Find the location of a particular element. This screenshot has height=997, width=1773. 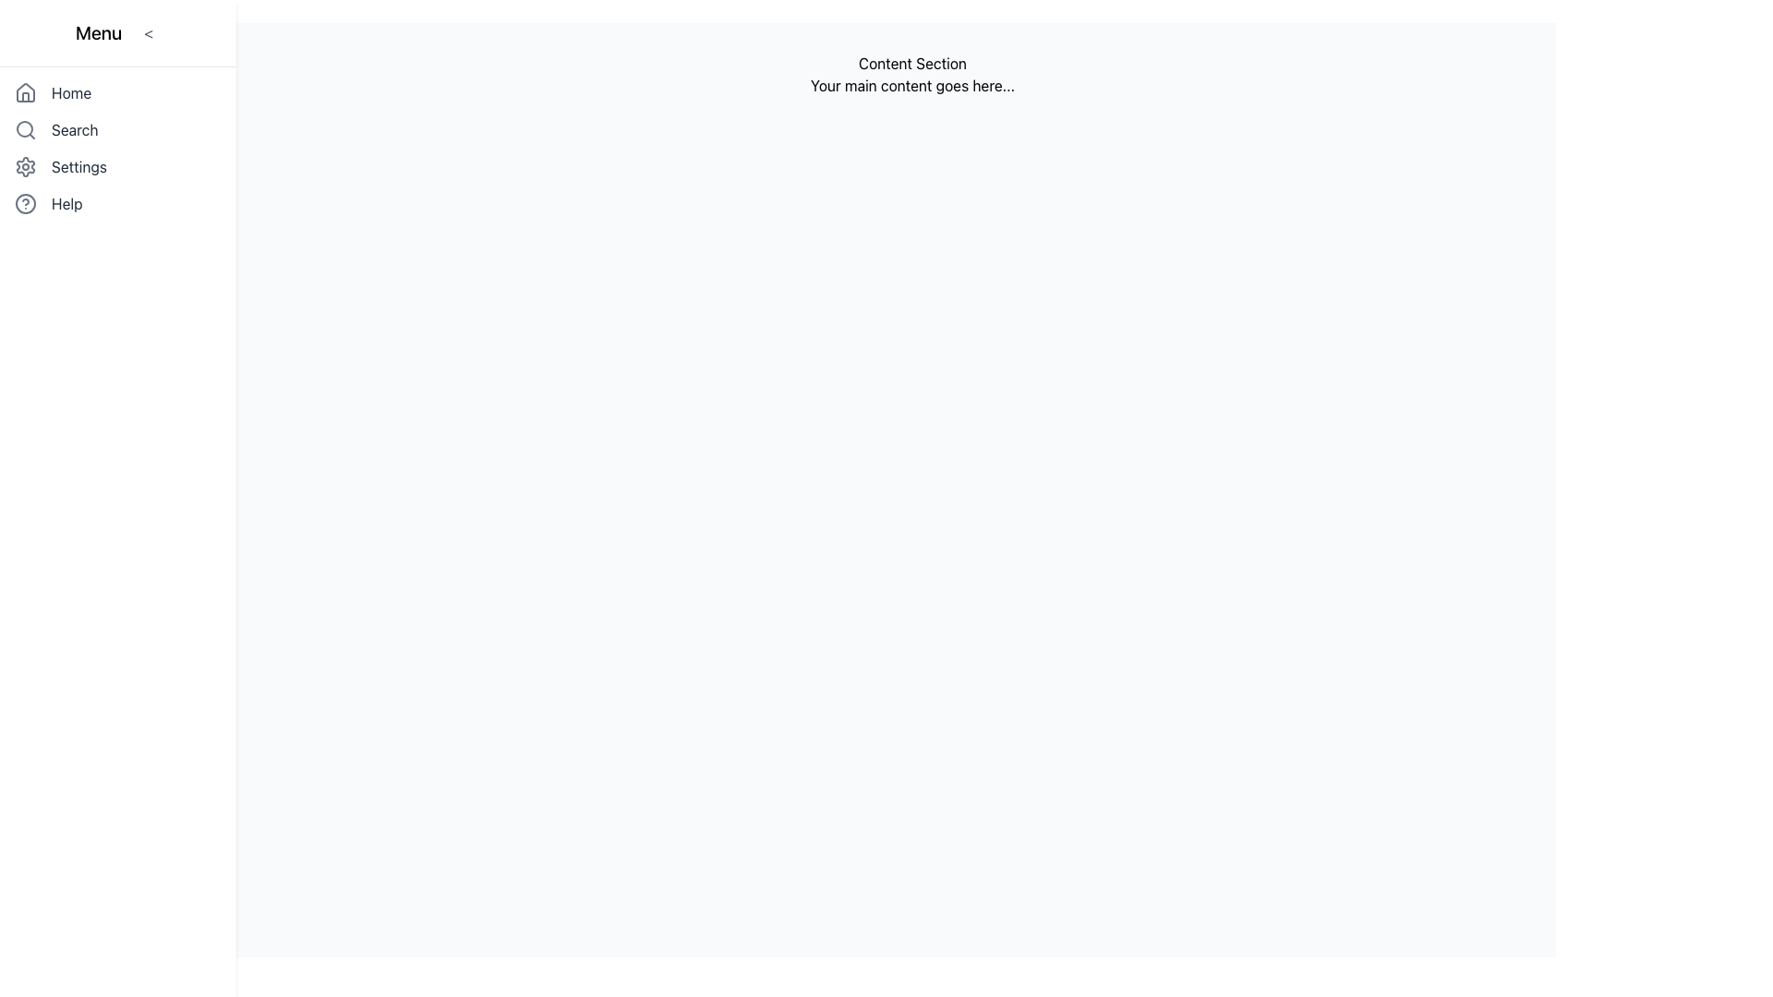

the upper part of the house icon in the sidebar menu, which represents the home page functionality is located at coordinates (26, 92).